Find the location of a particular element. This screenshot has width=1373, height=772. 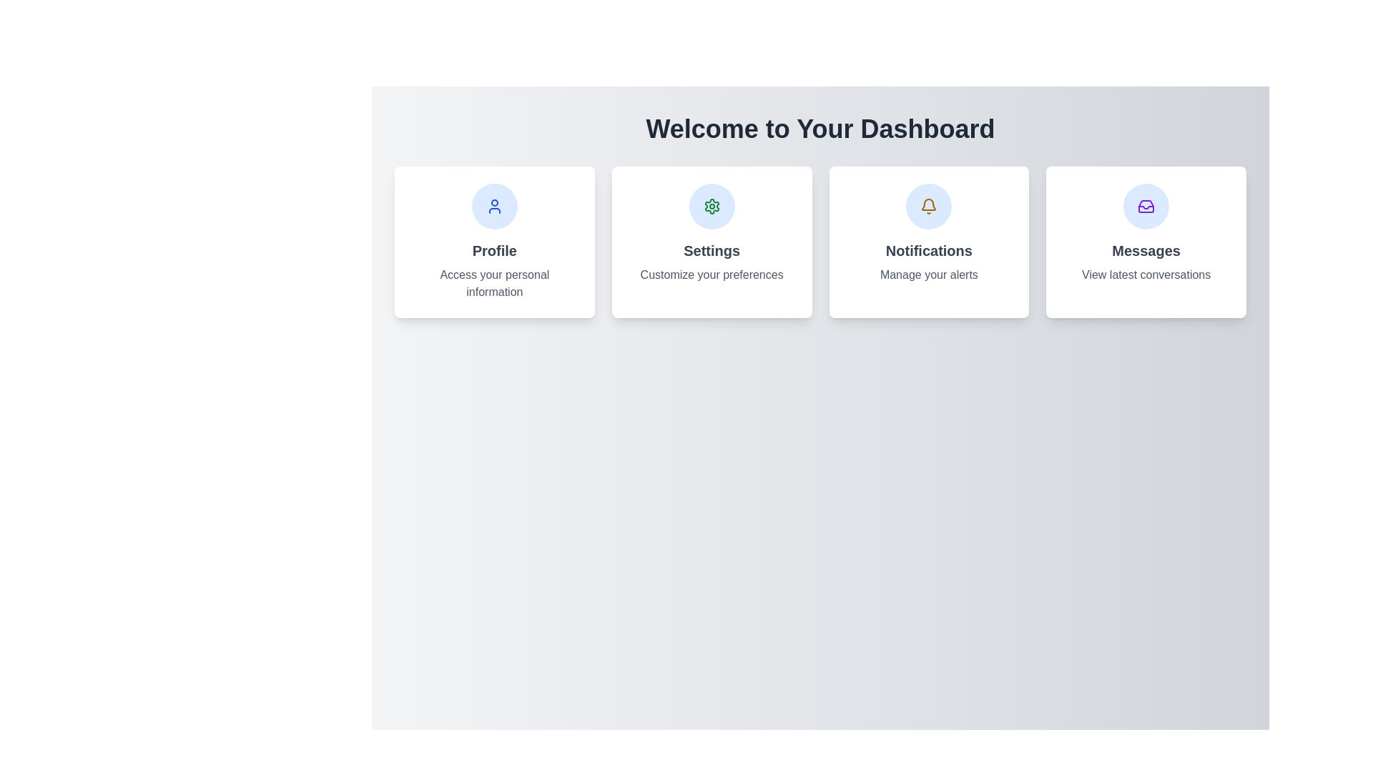

the bell-shaped notification icon, which is styled with a yellow hue and located in the top part of the 'Notifications' card, the third card from the left under the 'Welcome to Your Dashboard' heading is located at coordinates (929, 207).